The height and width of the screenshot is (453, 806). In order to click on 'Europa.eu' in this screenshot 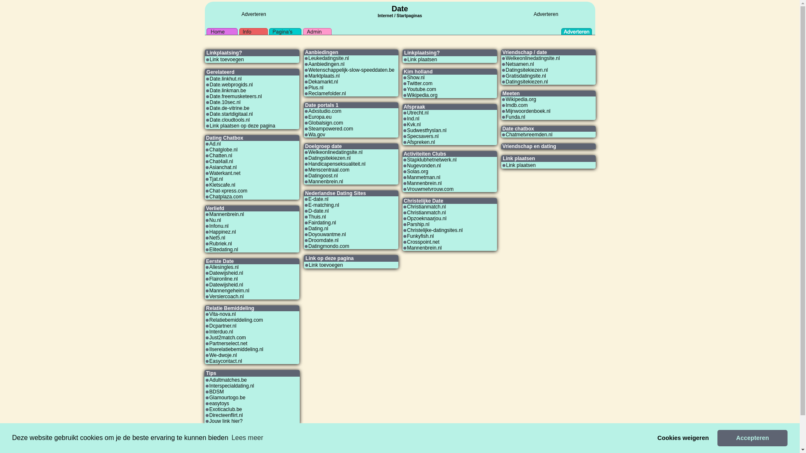, I will do `click(319, 117)`.